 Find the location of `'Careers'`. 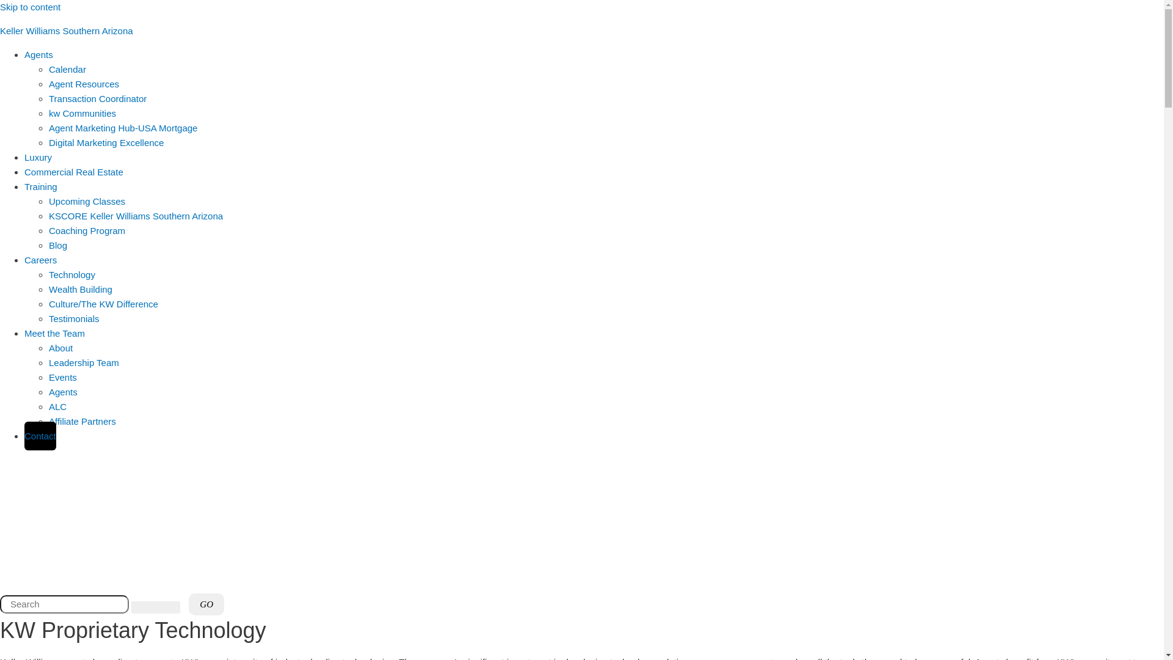

'Careers' is located at coordinates (24, 251).